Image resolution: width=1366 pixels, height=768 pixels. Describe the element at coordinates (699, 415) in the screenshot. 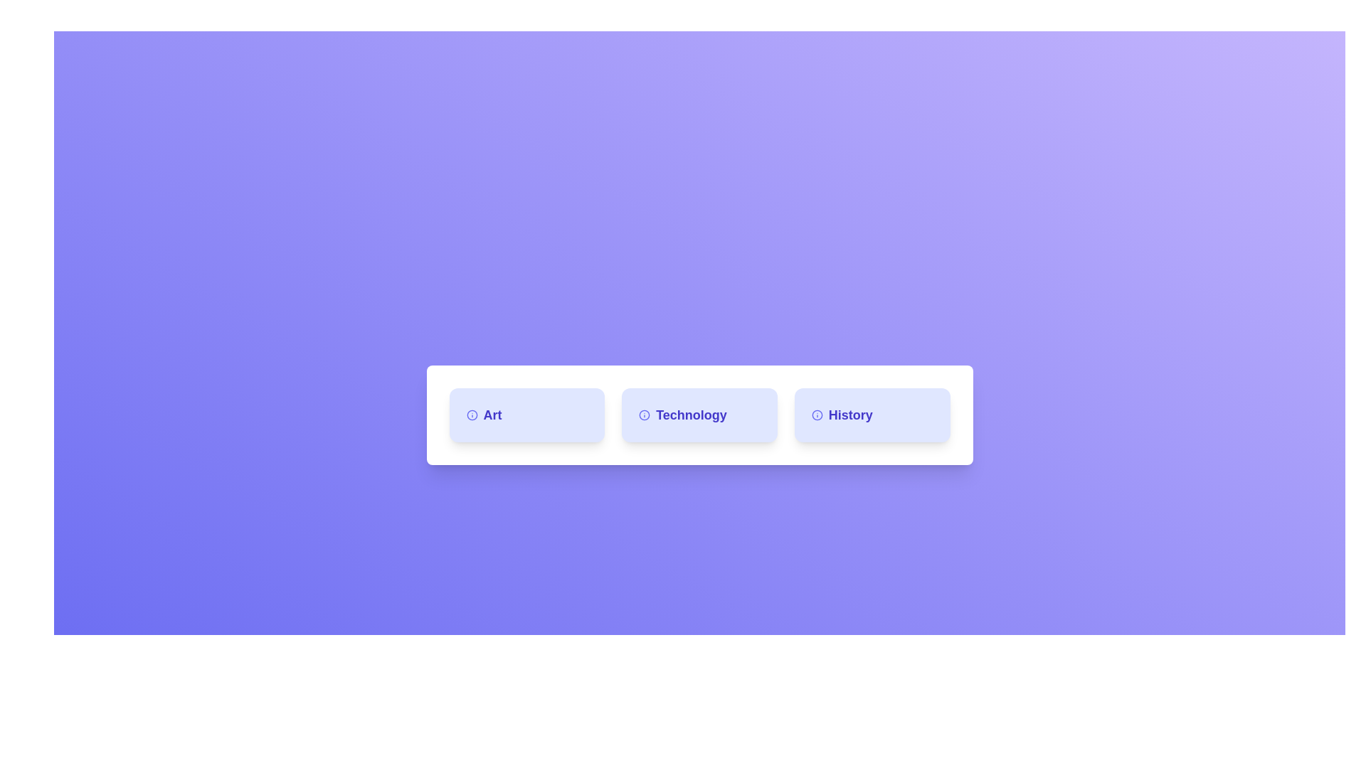

I see `the item in the horizontally aligned grid layout labeled 'Art,' 'Technology,' or 'History'` at that location.